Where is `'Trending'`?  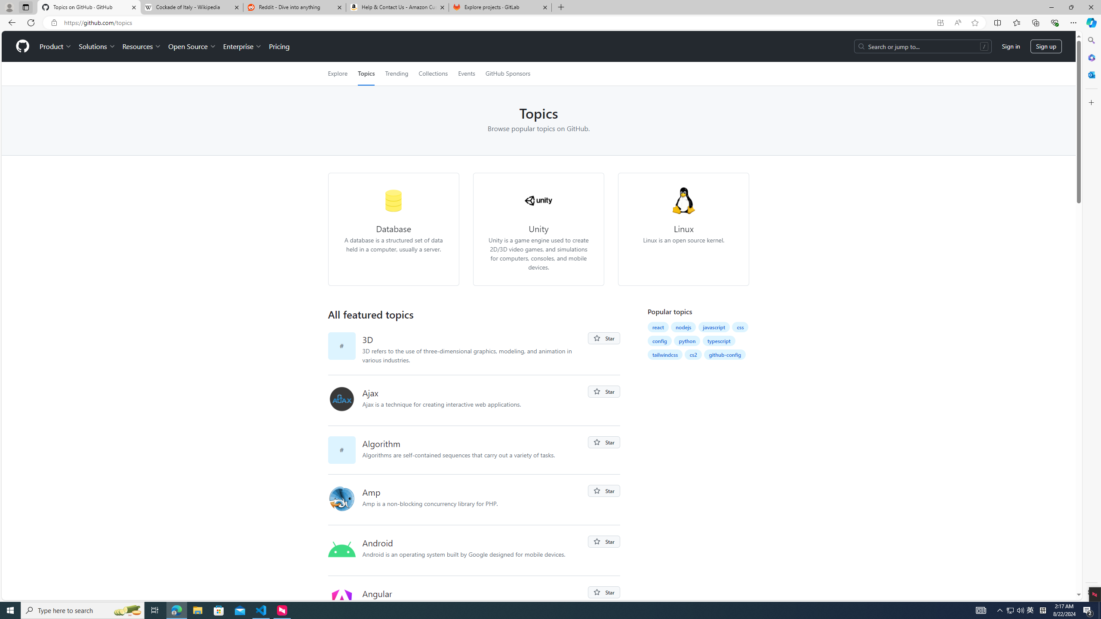
'Trending' is located at coordinates (396, 74).